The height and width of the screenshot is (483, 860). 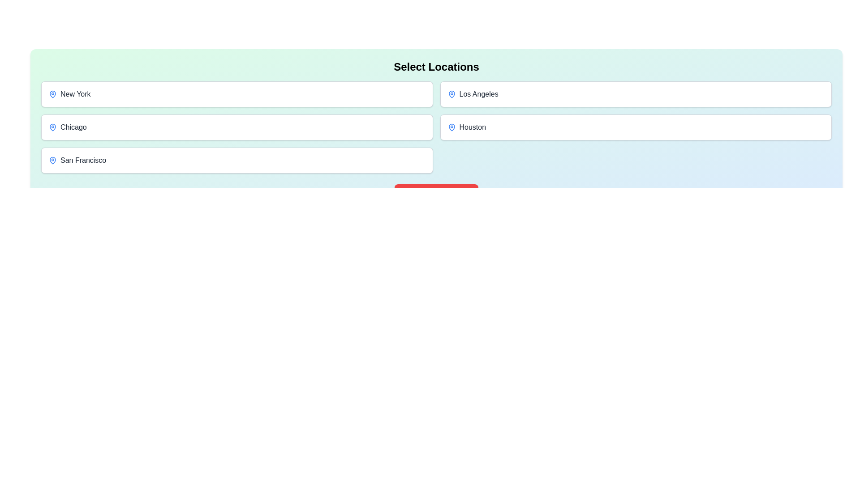 What do you see at coordinates (237, 94) in the screenshot?
I see `the button corresponding to the location New York` at bounding box center [237, 94].